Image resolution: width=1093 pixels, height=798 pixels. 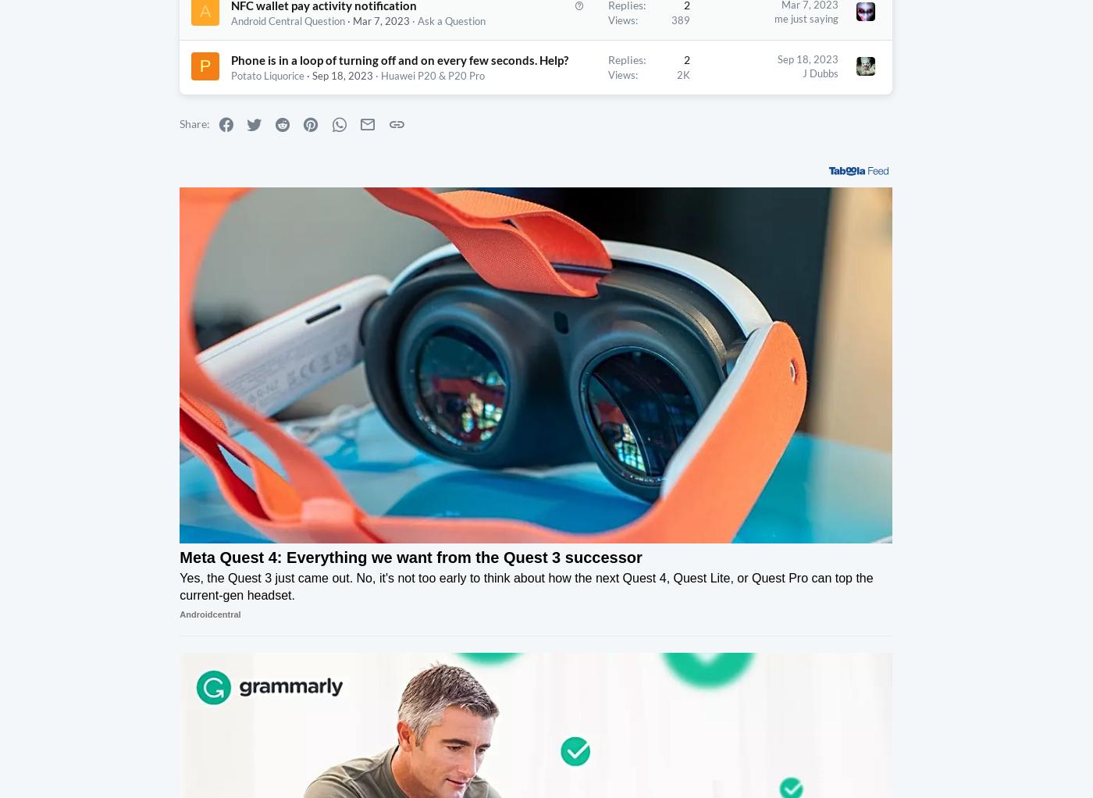 What do you see at coordinates (970, 91) in the screenshot?
I see `'Google's Assistant At a Glance widget is crashing on a bunch of Android phones'` at bounding box center [970, 91].